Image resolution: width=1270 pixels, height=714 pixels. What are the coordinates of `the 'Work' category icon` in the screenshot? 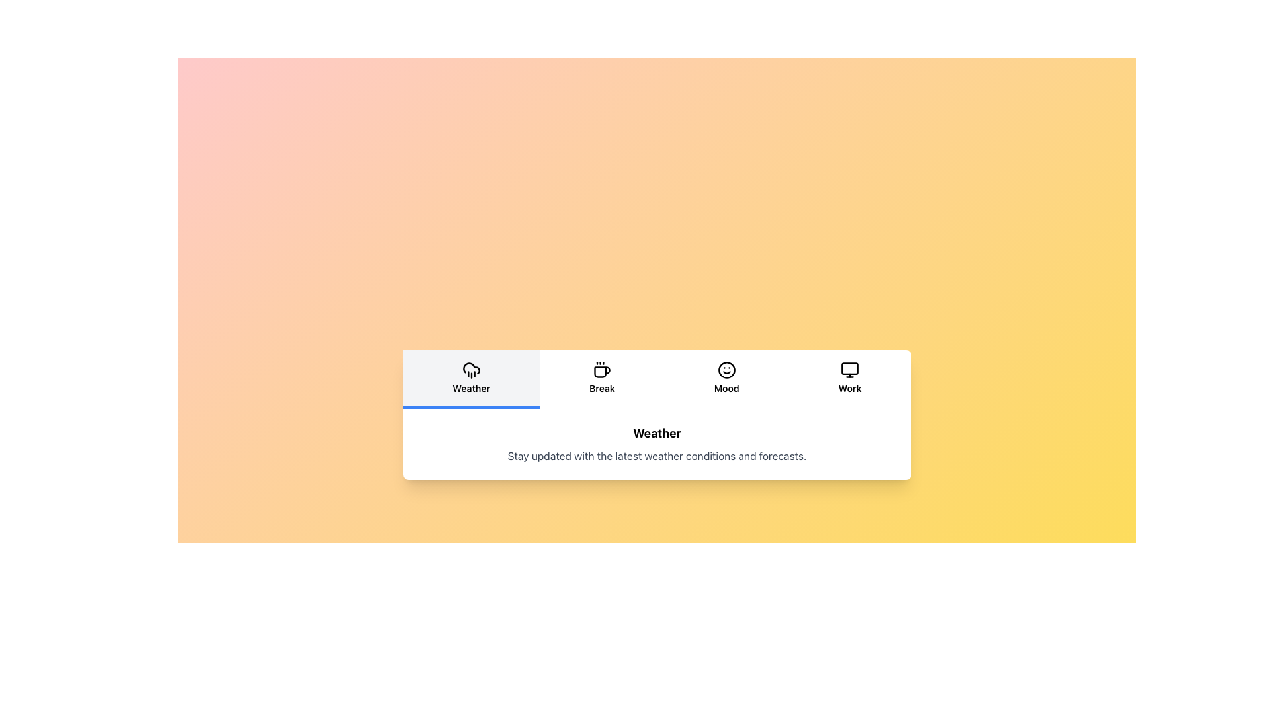 It's located at (850, 370).